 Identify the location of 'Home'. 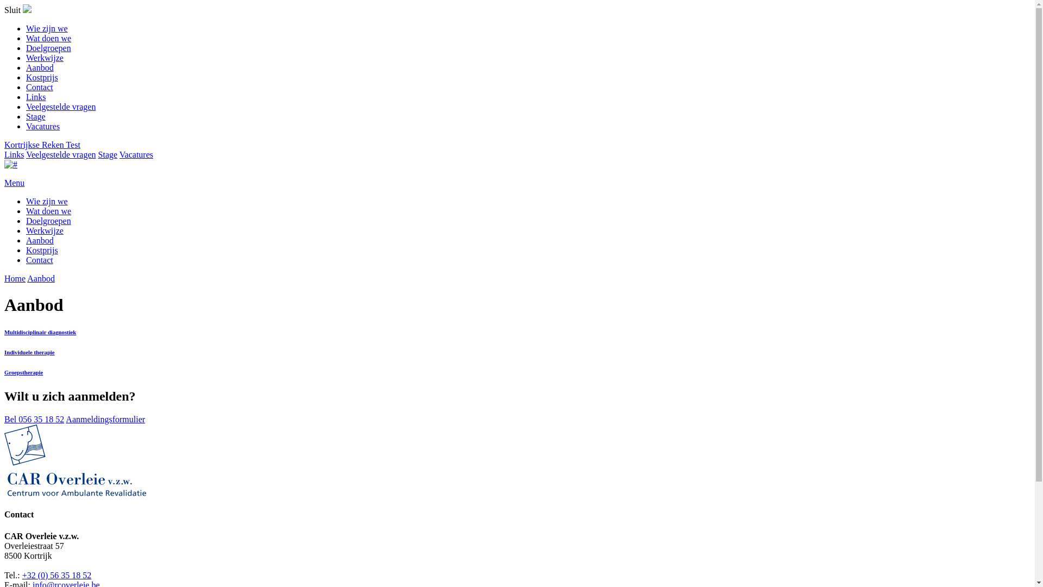
(15, 278).